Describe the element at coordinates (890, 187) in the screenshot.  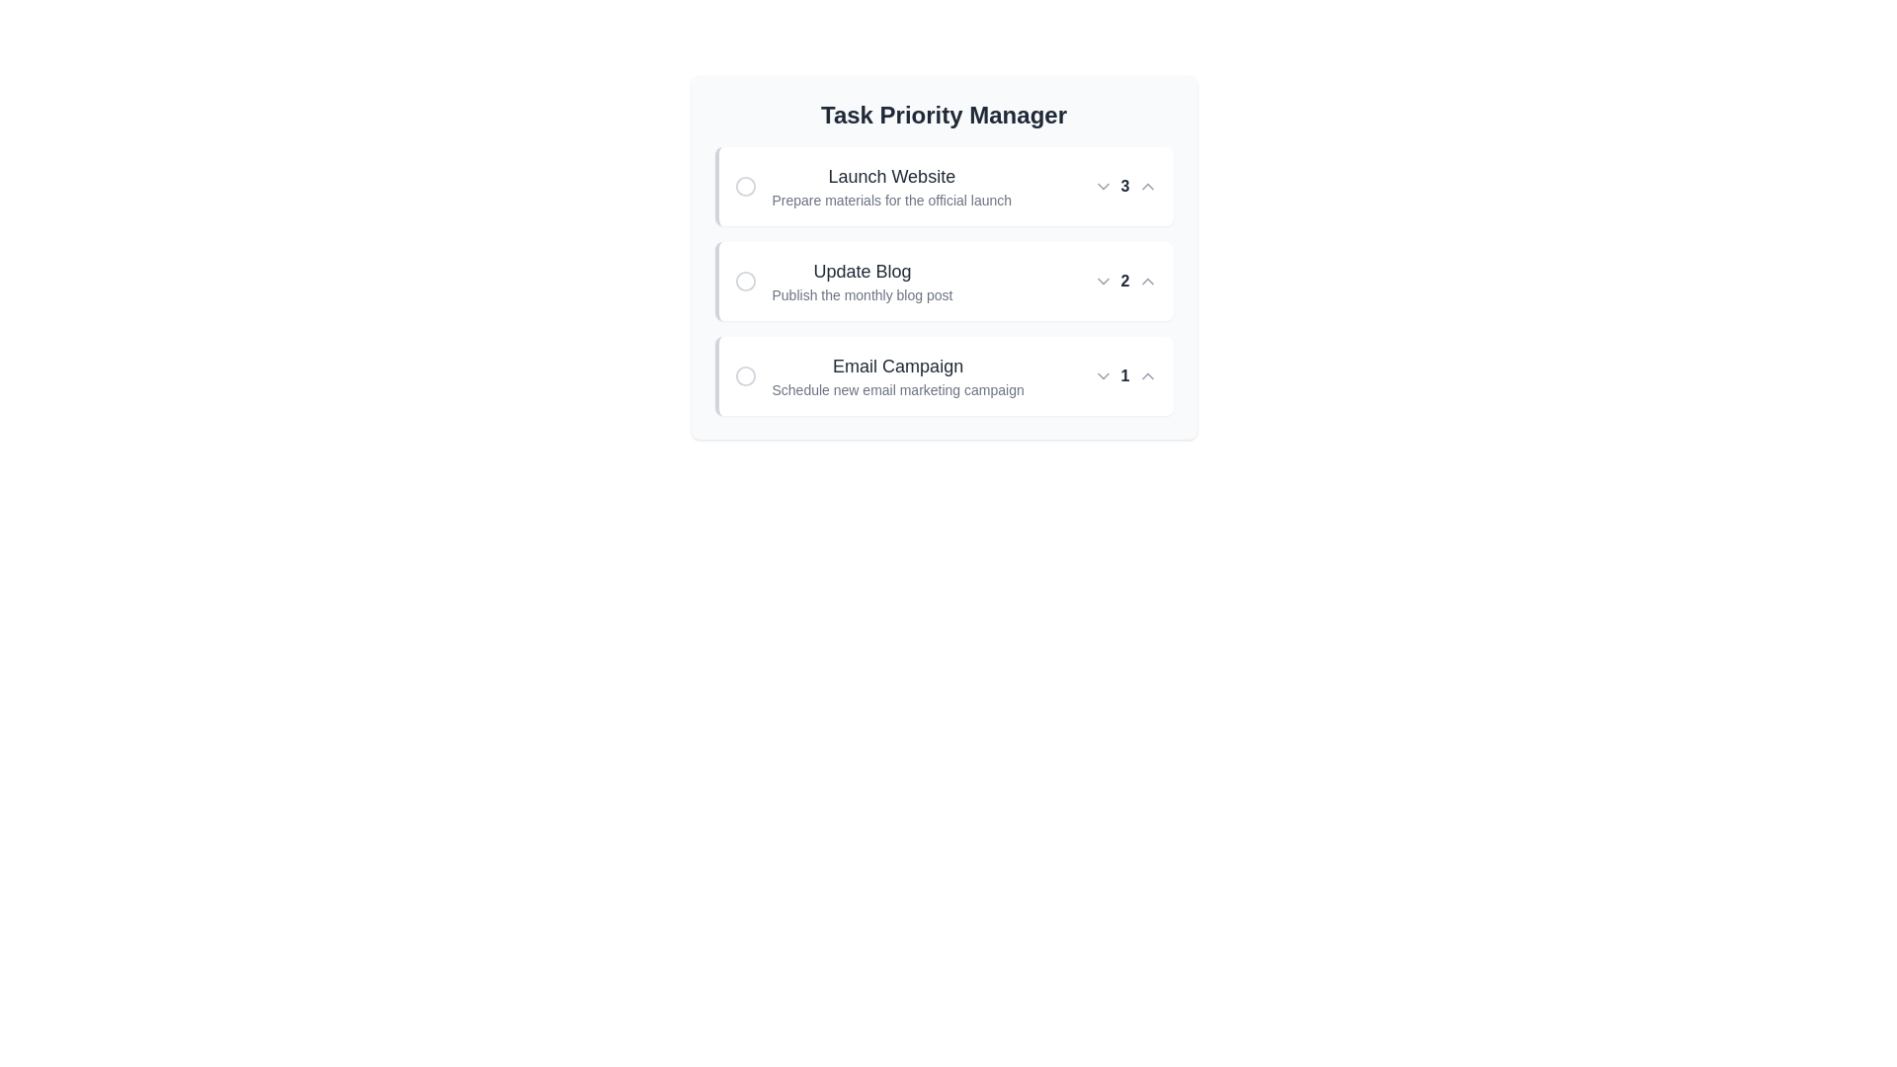
I see `description text 'Prepare materials for the official launch' from the composite text element that includes the heading 'Launch Website'` at that location.